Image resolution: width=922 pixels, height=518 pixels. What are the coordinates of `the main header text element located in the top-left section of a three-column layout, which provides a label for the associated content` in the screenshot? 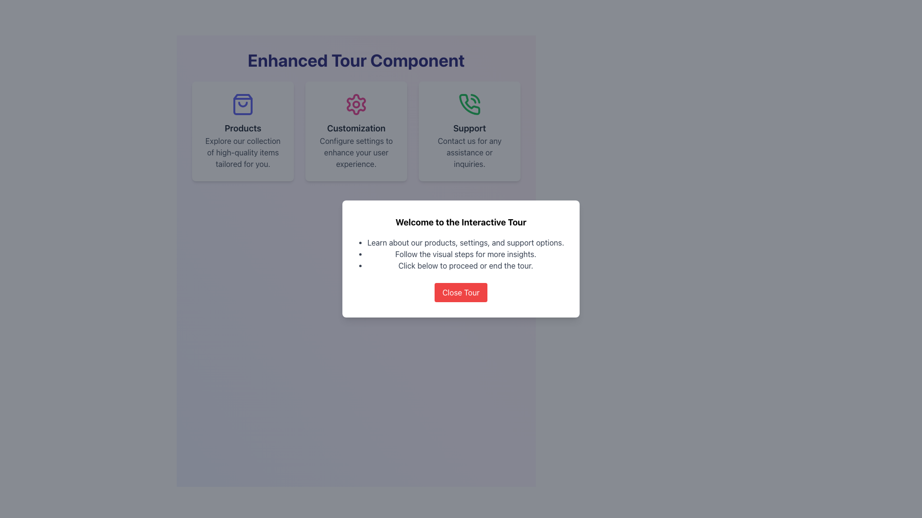 It's located at (243, 128).